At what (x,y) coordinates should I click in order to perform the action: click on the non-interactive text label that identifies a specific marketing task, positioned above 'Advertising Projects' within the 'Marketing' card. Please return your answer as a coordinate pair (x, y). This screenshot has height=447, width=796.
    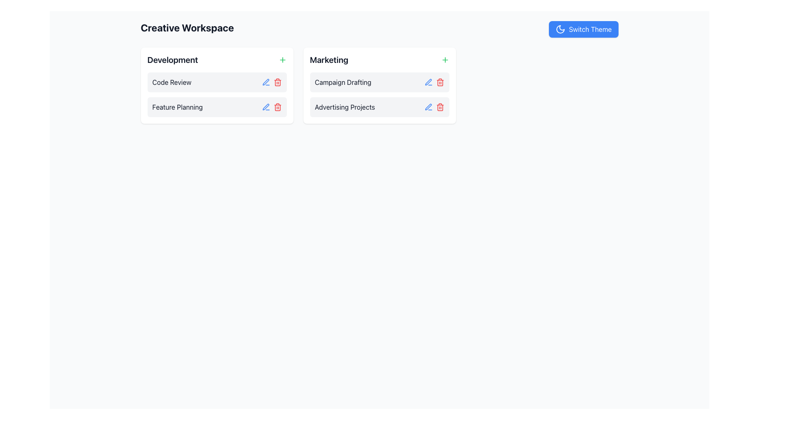
    Looking at the image, I should click on (343, 82).